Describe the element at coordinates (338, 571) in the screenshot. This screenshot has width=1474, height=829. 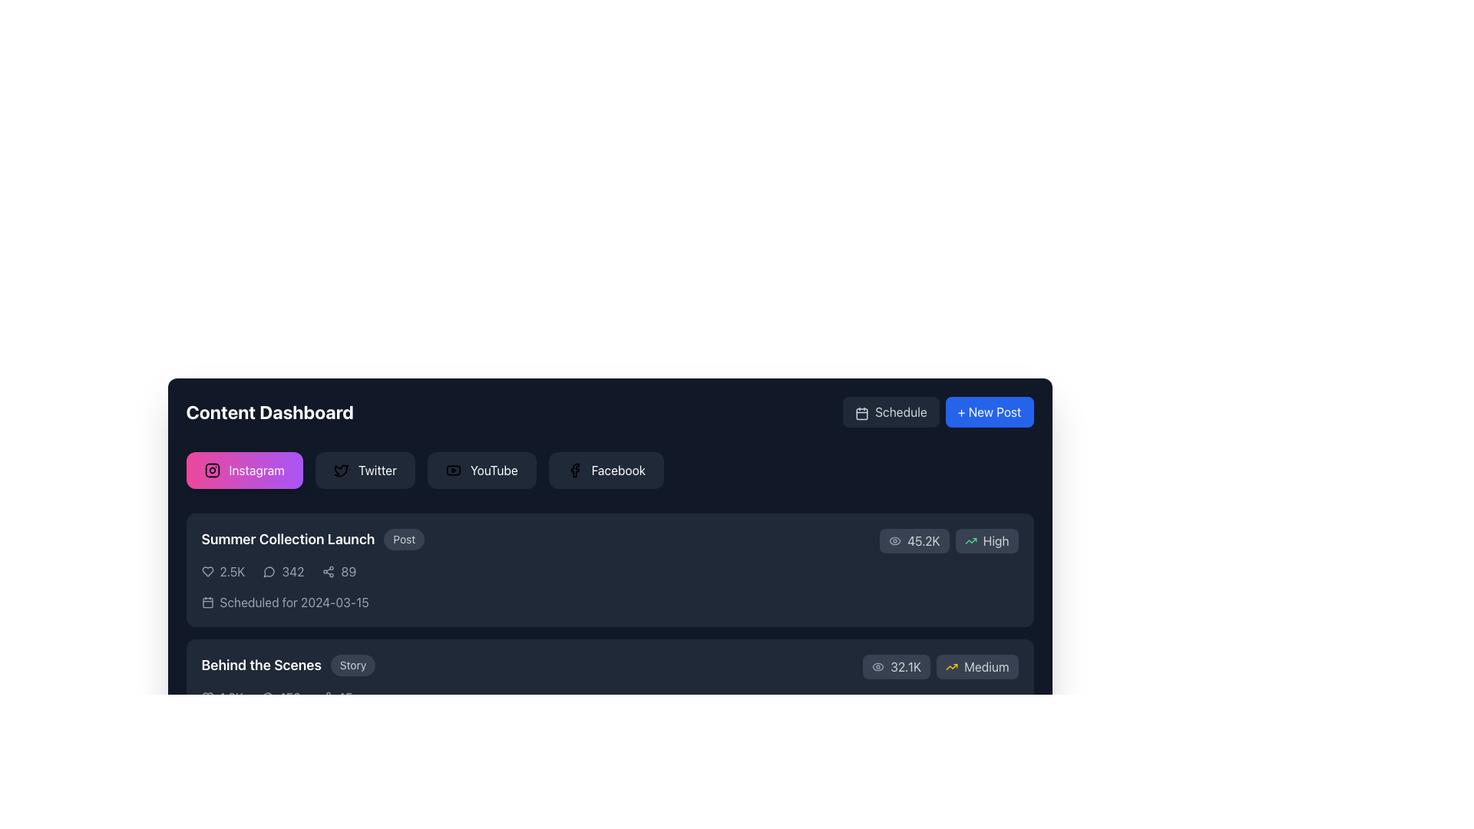
I see `the label with icon that represents the count of shares for the 'Summer Collection Launch' entry in the dashboard` at that location.